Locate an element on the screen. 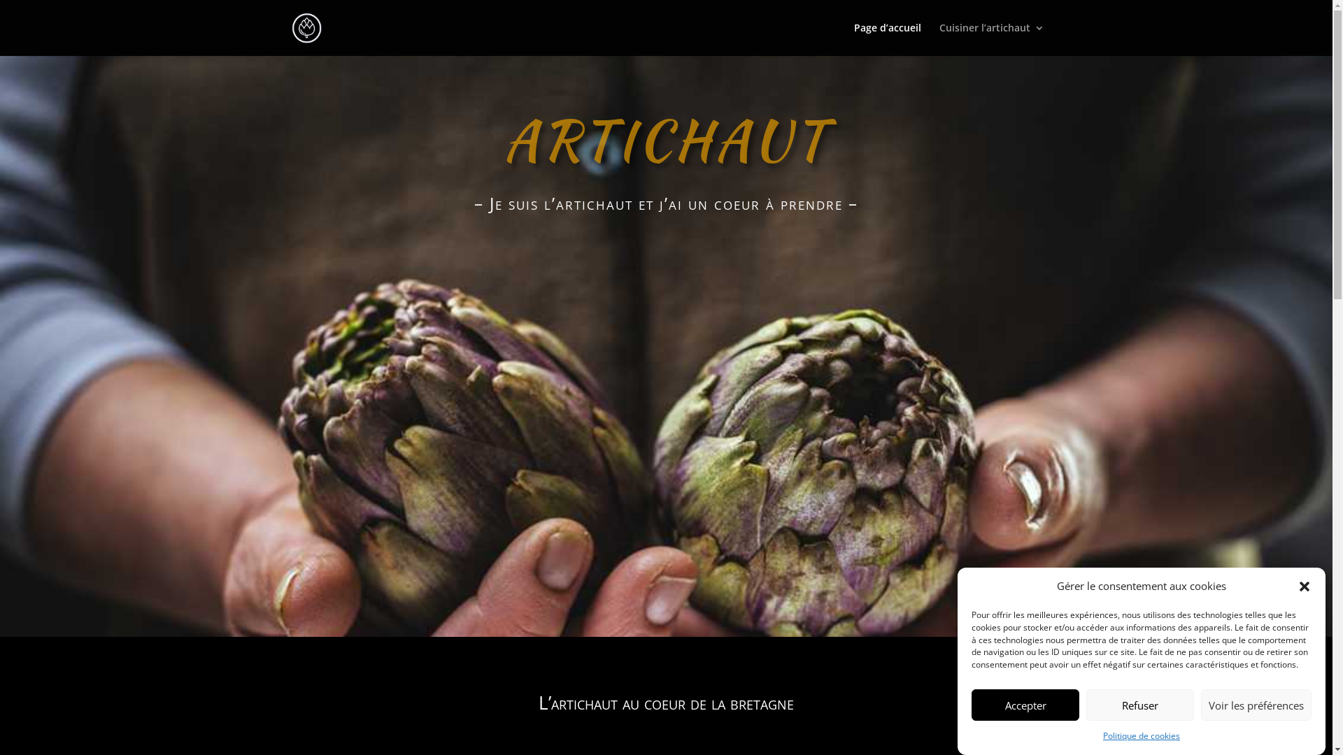 The width and height of the screenshot is (1343, 755). 'Politique de cookies' is located at coordinates (1142, 735).